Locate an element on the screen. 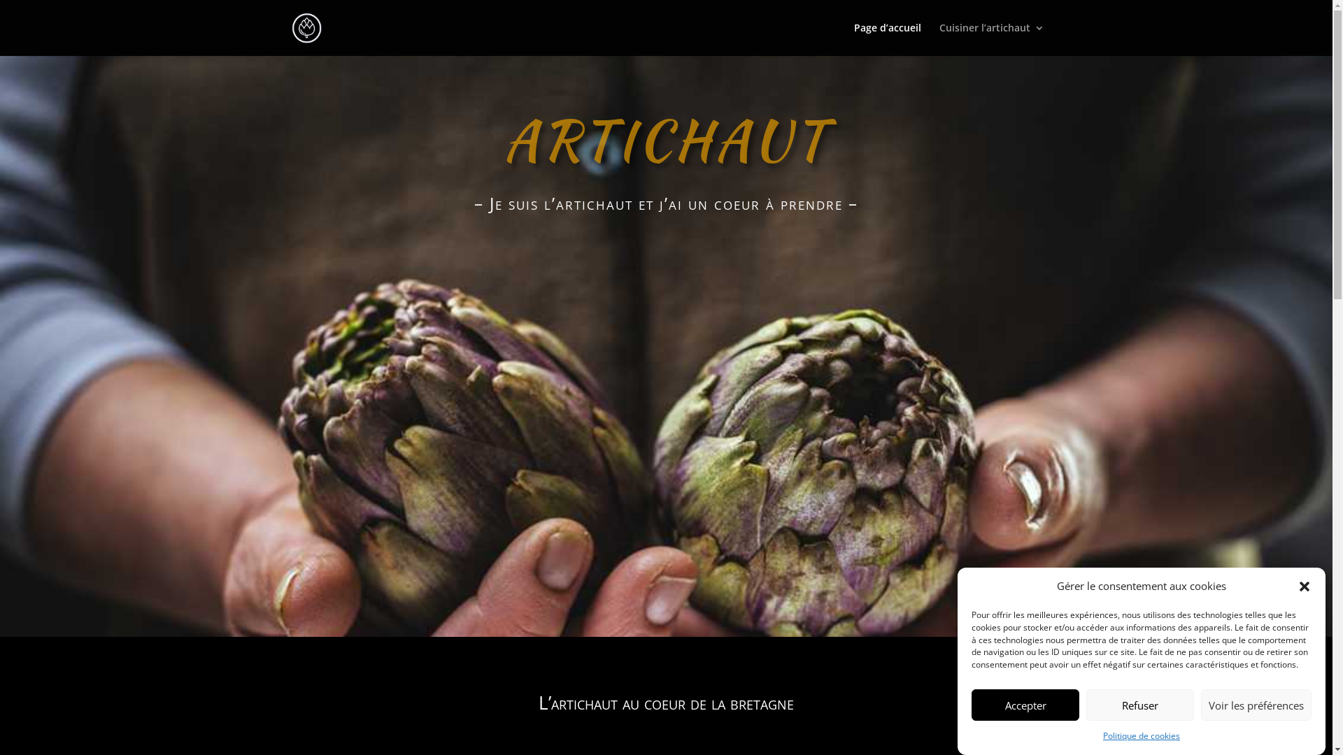 The width and height of the screenshot is (1343, 755). 'Politique de cookies' is located at coordinates (1142, 735).